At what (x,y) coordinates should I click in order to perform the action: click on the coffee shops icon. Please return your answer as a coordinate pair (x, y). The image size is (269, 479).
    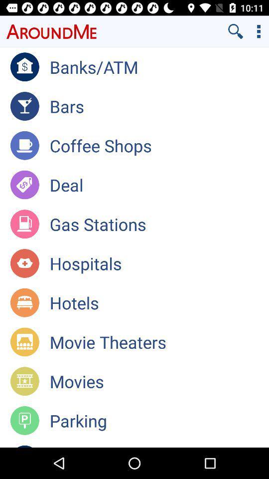
    Looking at the image, I should click on (159, 145).